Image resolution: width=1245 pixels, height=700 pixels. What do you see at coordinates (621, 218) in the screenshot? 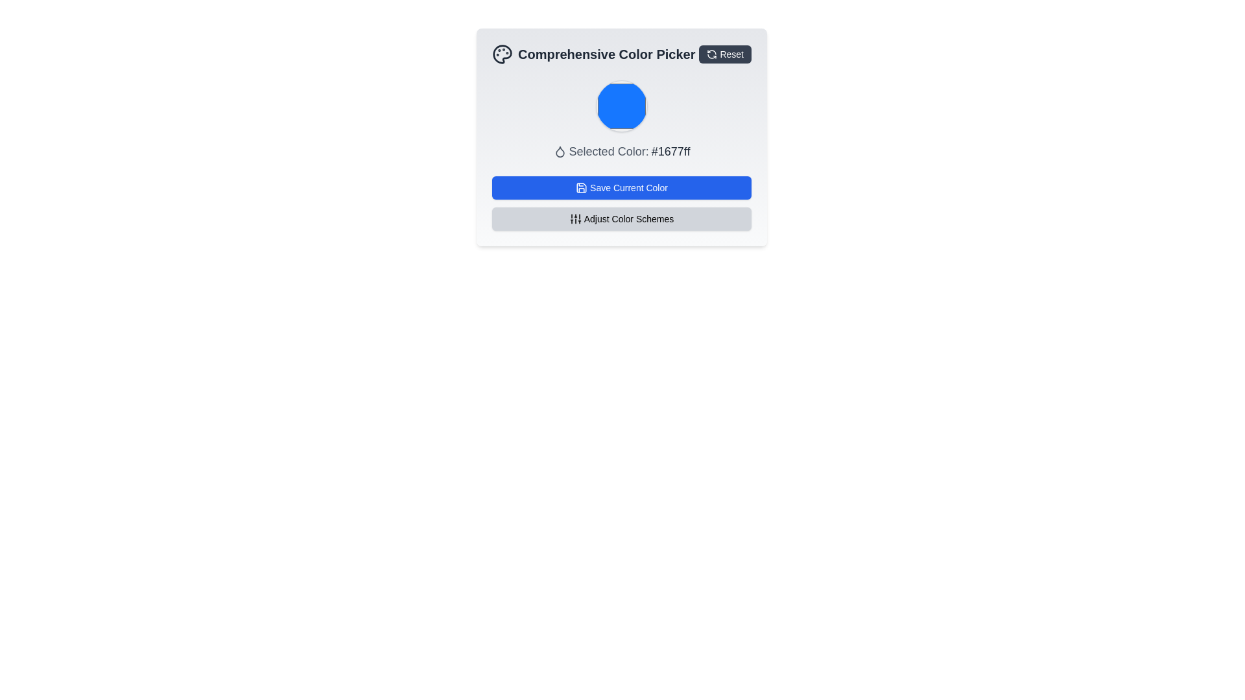
I see `the 'Adjust Color Schemes' button, which is a rectangular button with rounded corners, gray background, and black outline, located below the 'Save Current Color' button` at bounding box center [621, 218].